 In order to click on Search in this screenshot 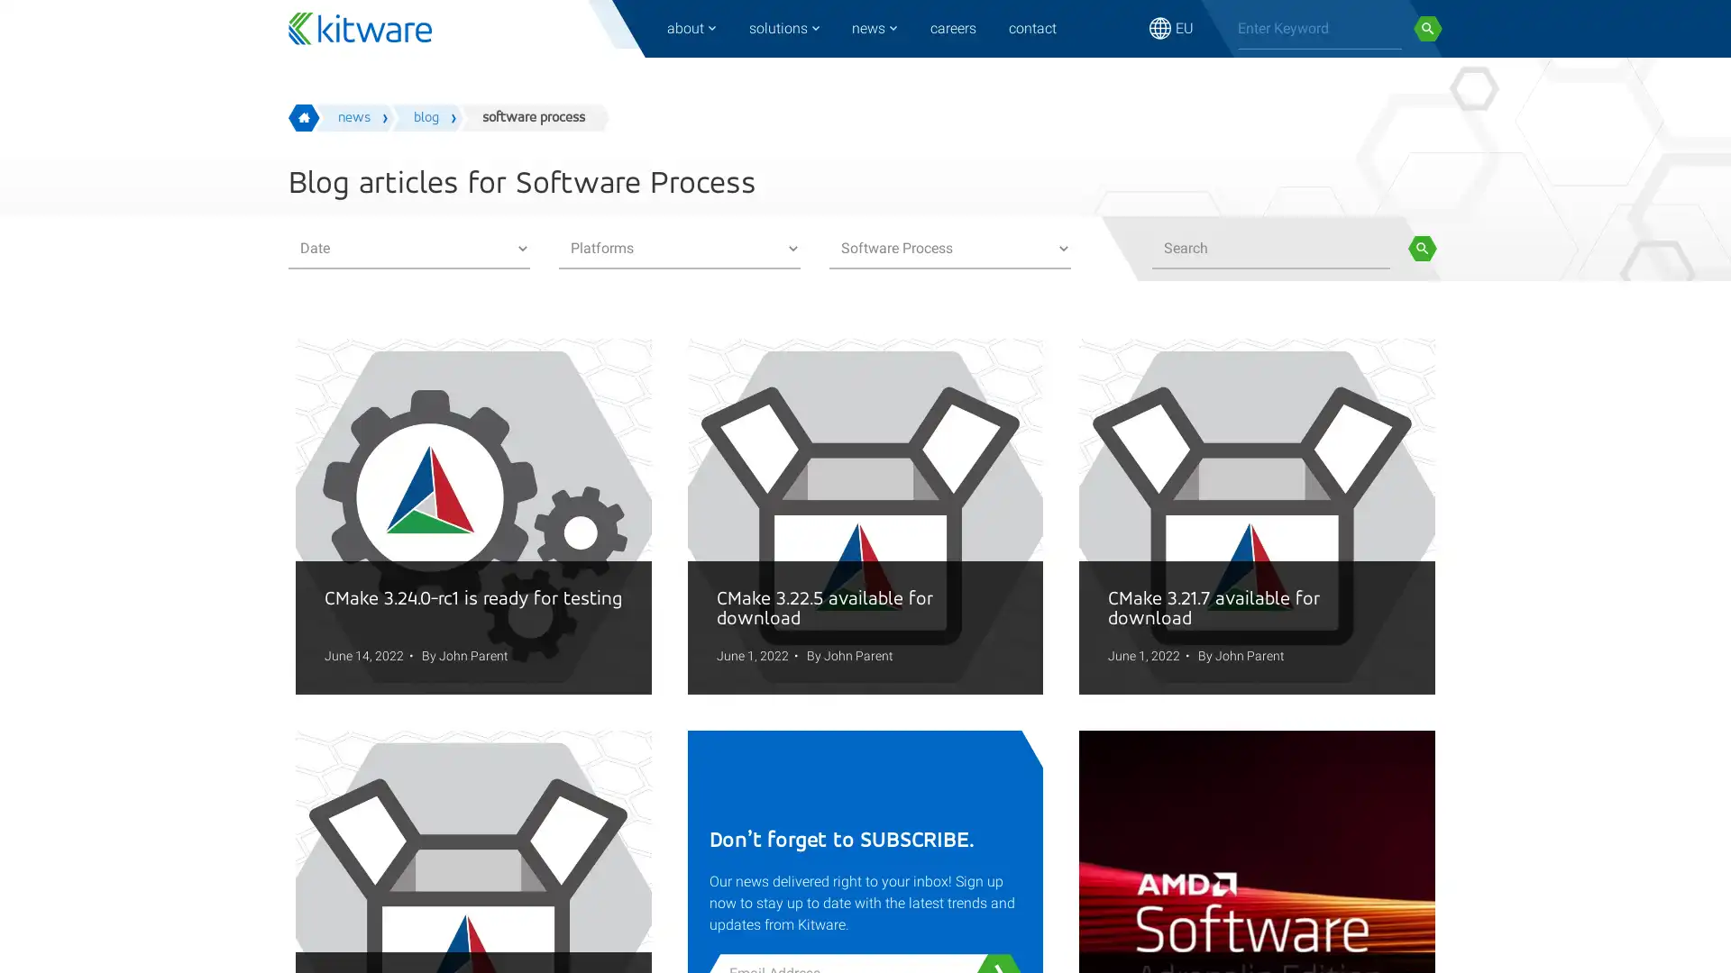, I will do `click(1421, 249)`.